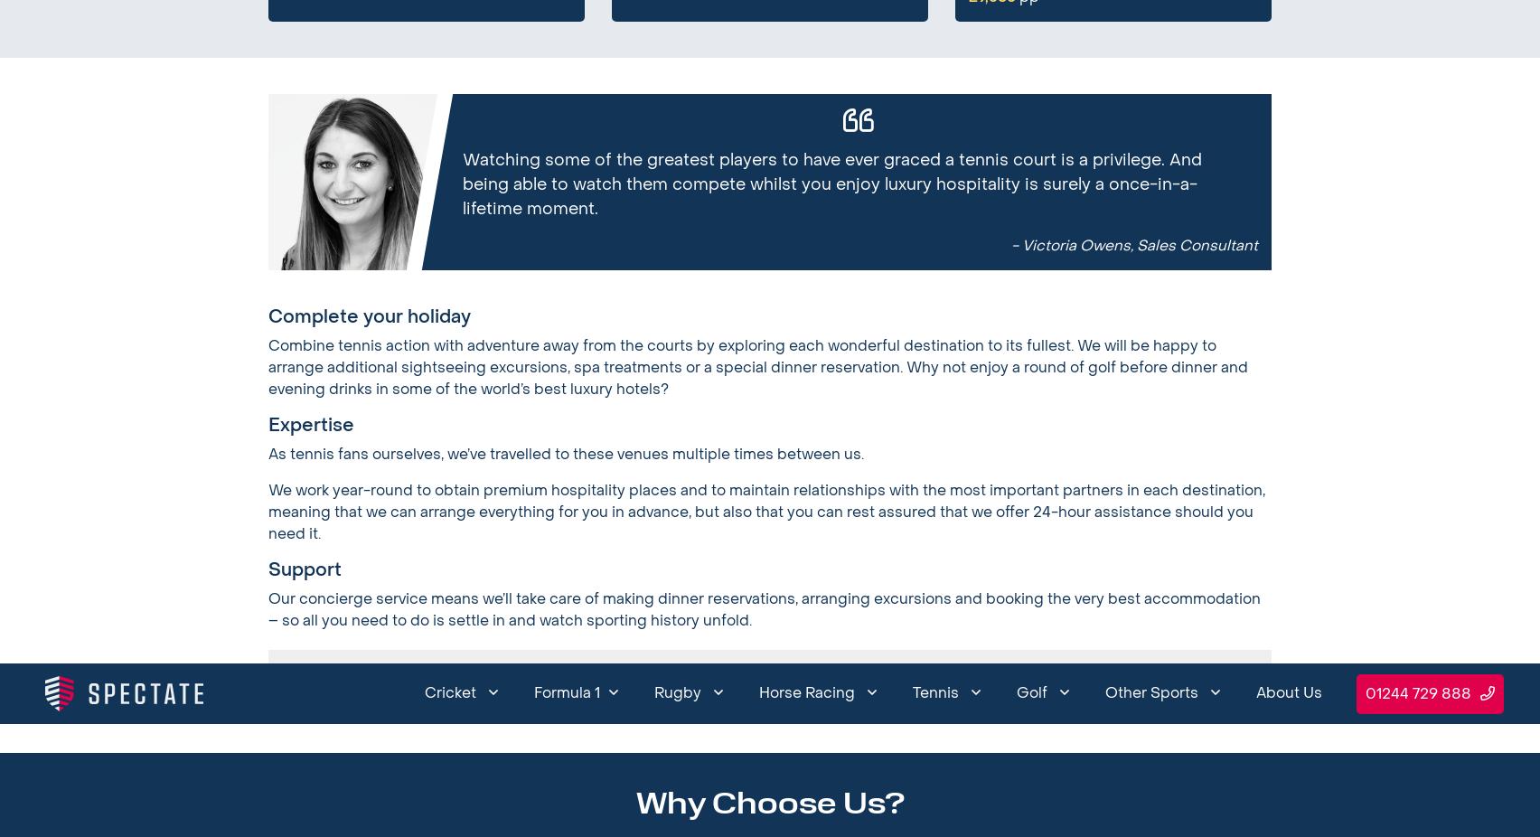 The width and height of the screenshot is (1540, 837). What do you see at coordinates (1160, 63) in the screenshot?
I see `'Blog'` at bounding box center [1160, 63].